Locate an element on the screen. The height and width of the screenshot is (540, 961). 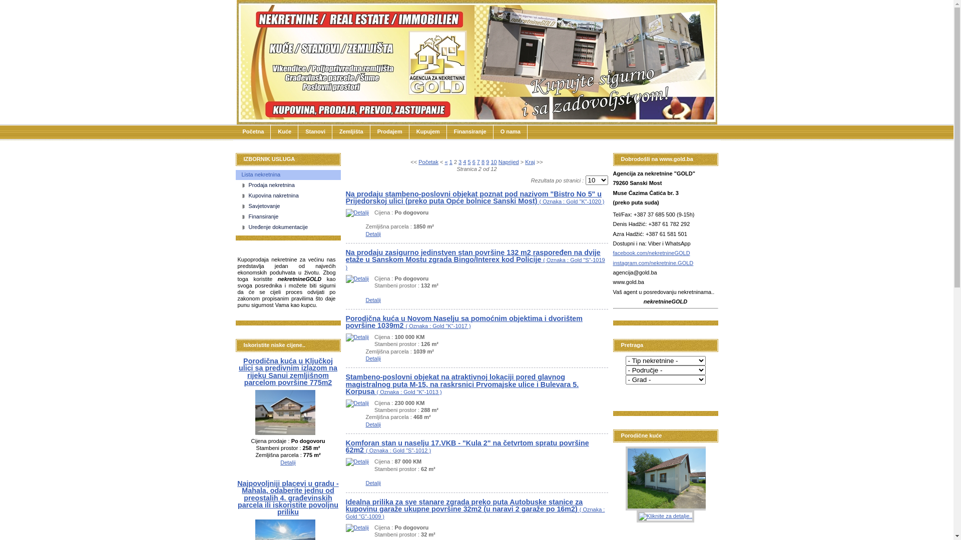
'Prodajem' is located at coordinates (369, 131).